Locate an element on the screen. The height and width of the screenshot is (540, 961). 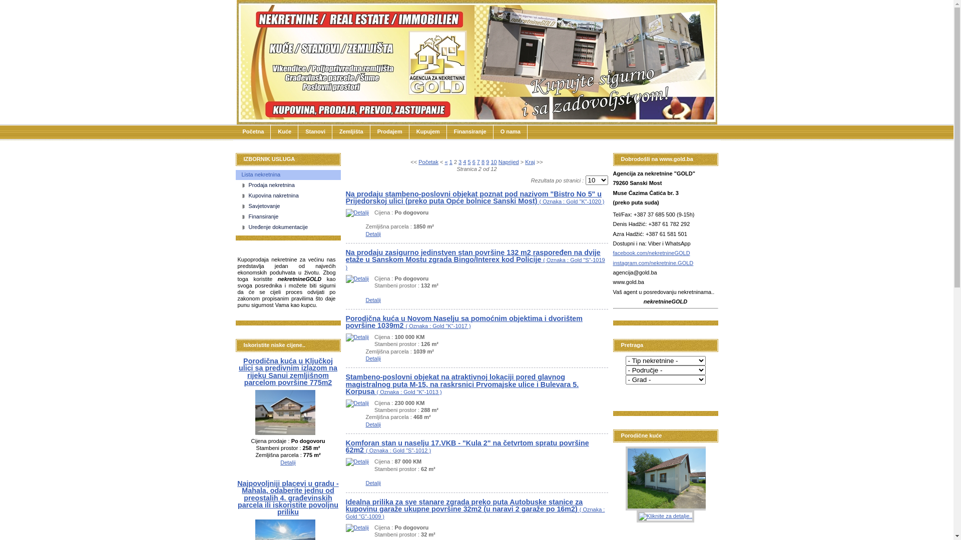
'Prodajem' is located at coordinates (369, 131).